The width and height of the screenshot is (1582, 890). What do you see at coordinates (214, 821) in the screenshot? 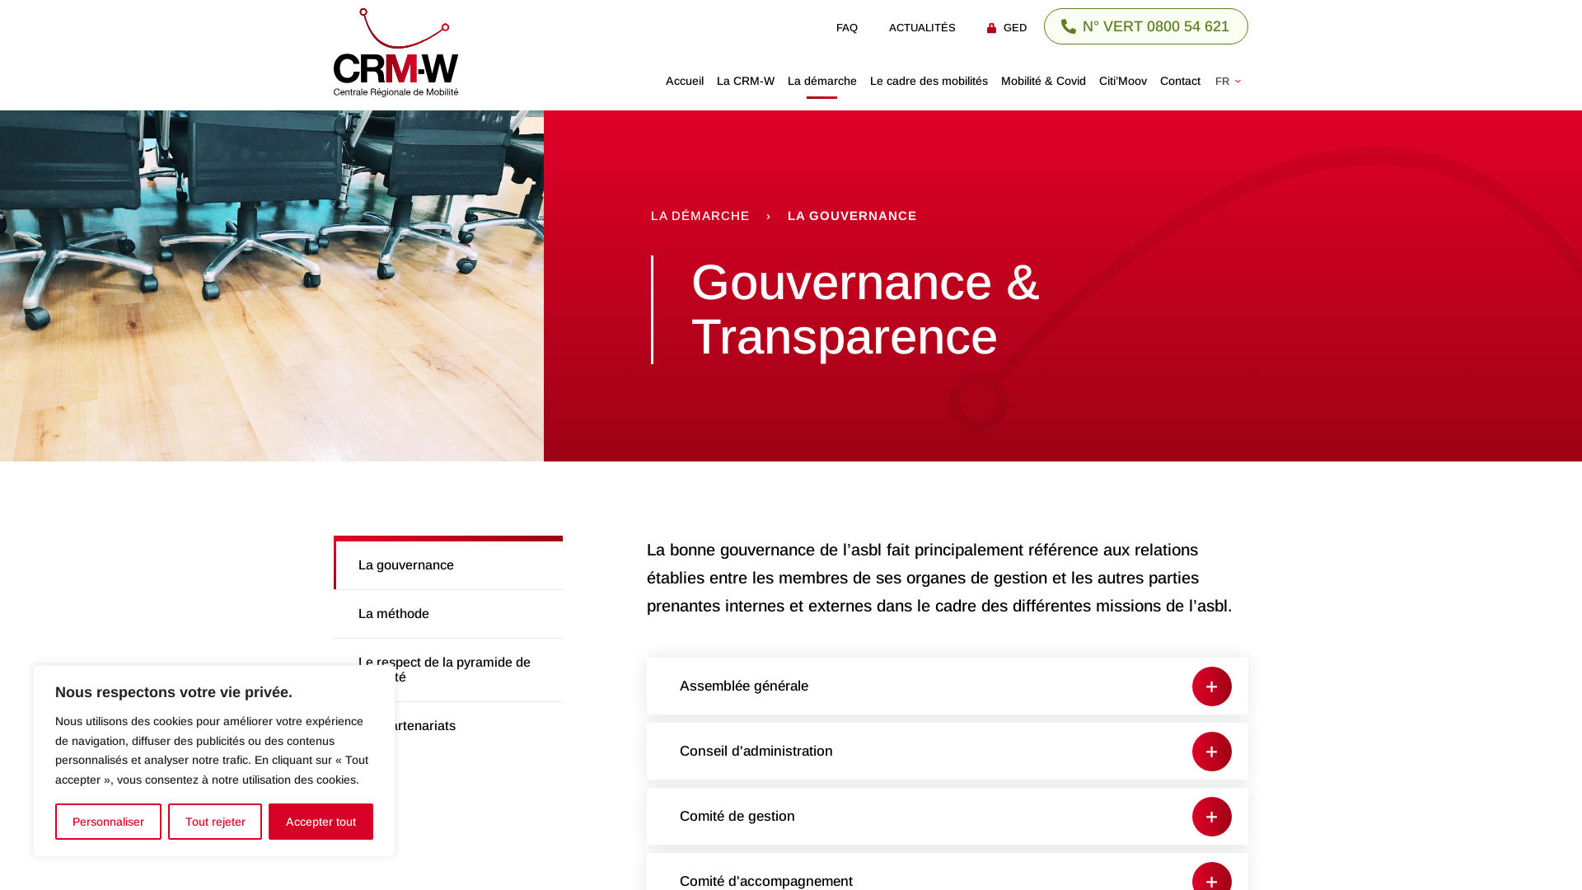
I see `'Tout rejeter'` at bounding box center [214, 821].